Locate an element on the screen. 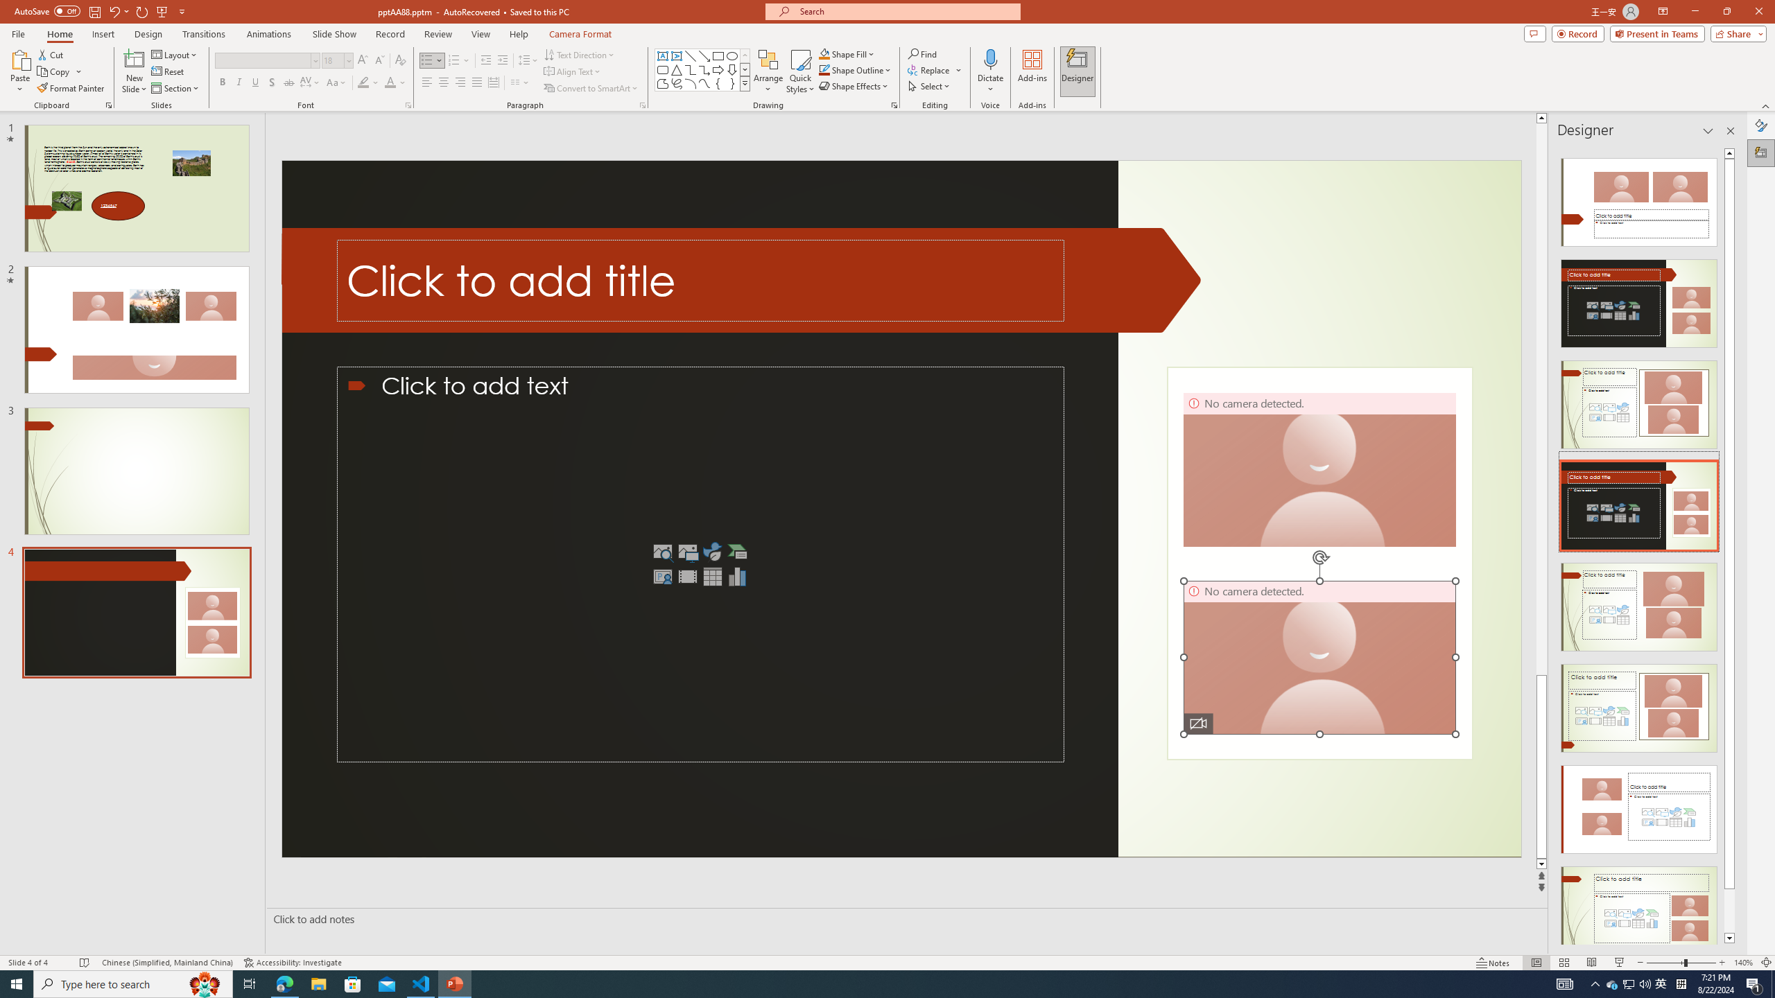  'Shape Effects' is located at coordinates (854, 85).